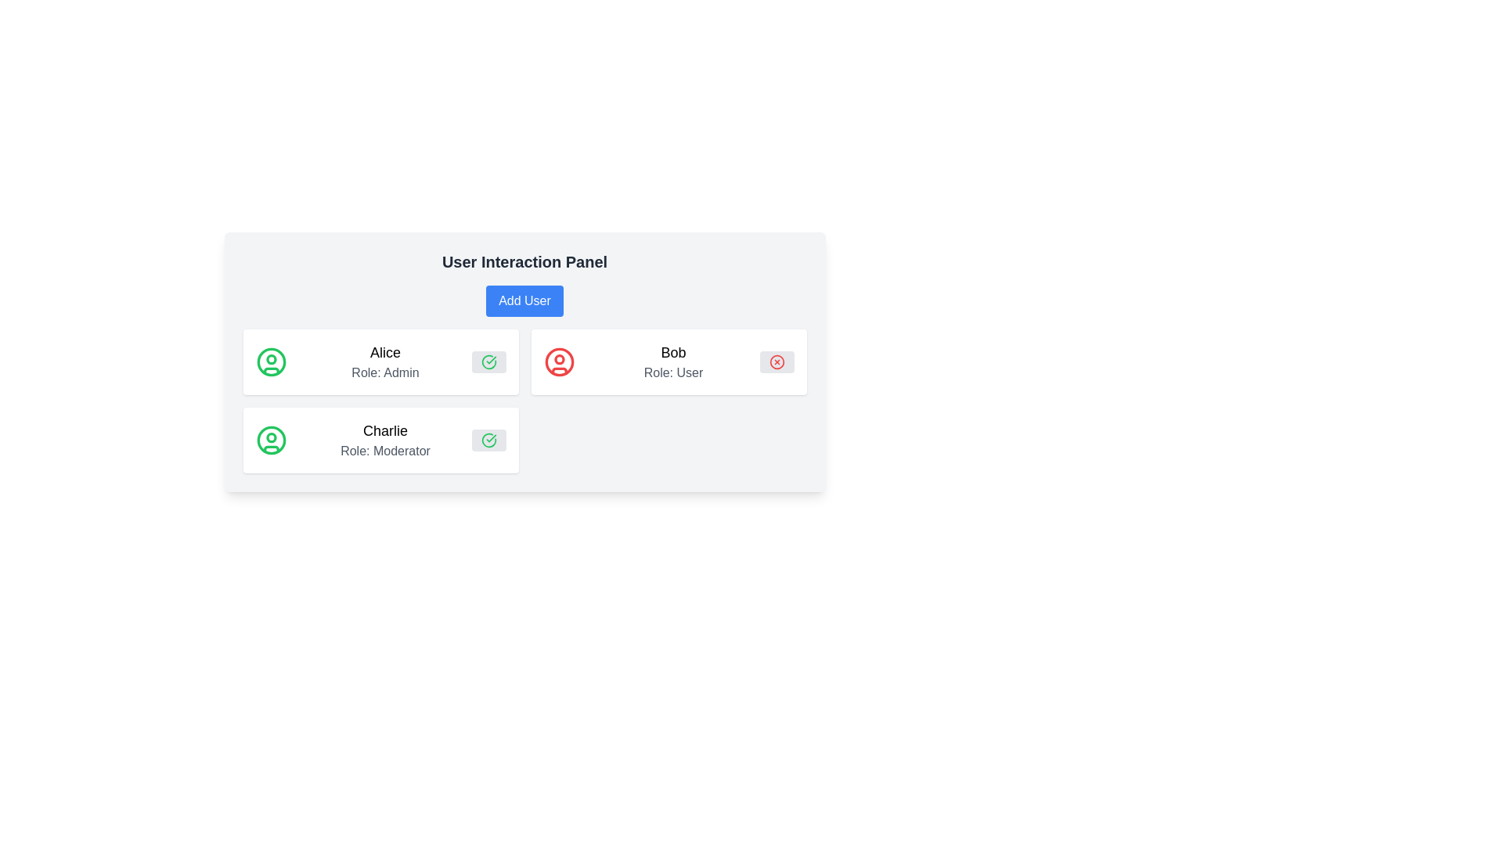 The width and height of the screenshot is (1503, 845). What do you see at coordinates (777, 361) in the screenshot?
I see `the delete button located at the top-right of Bob's profile details in the user panel` at bounding box center [777, 361].